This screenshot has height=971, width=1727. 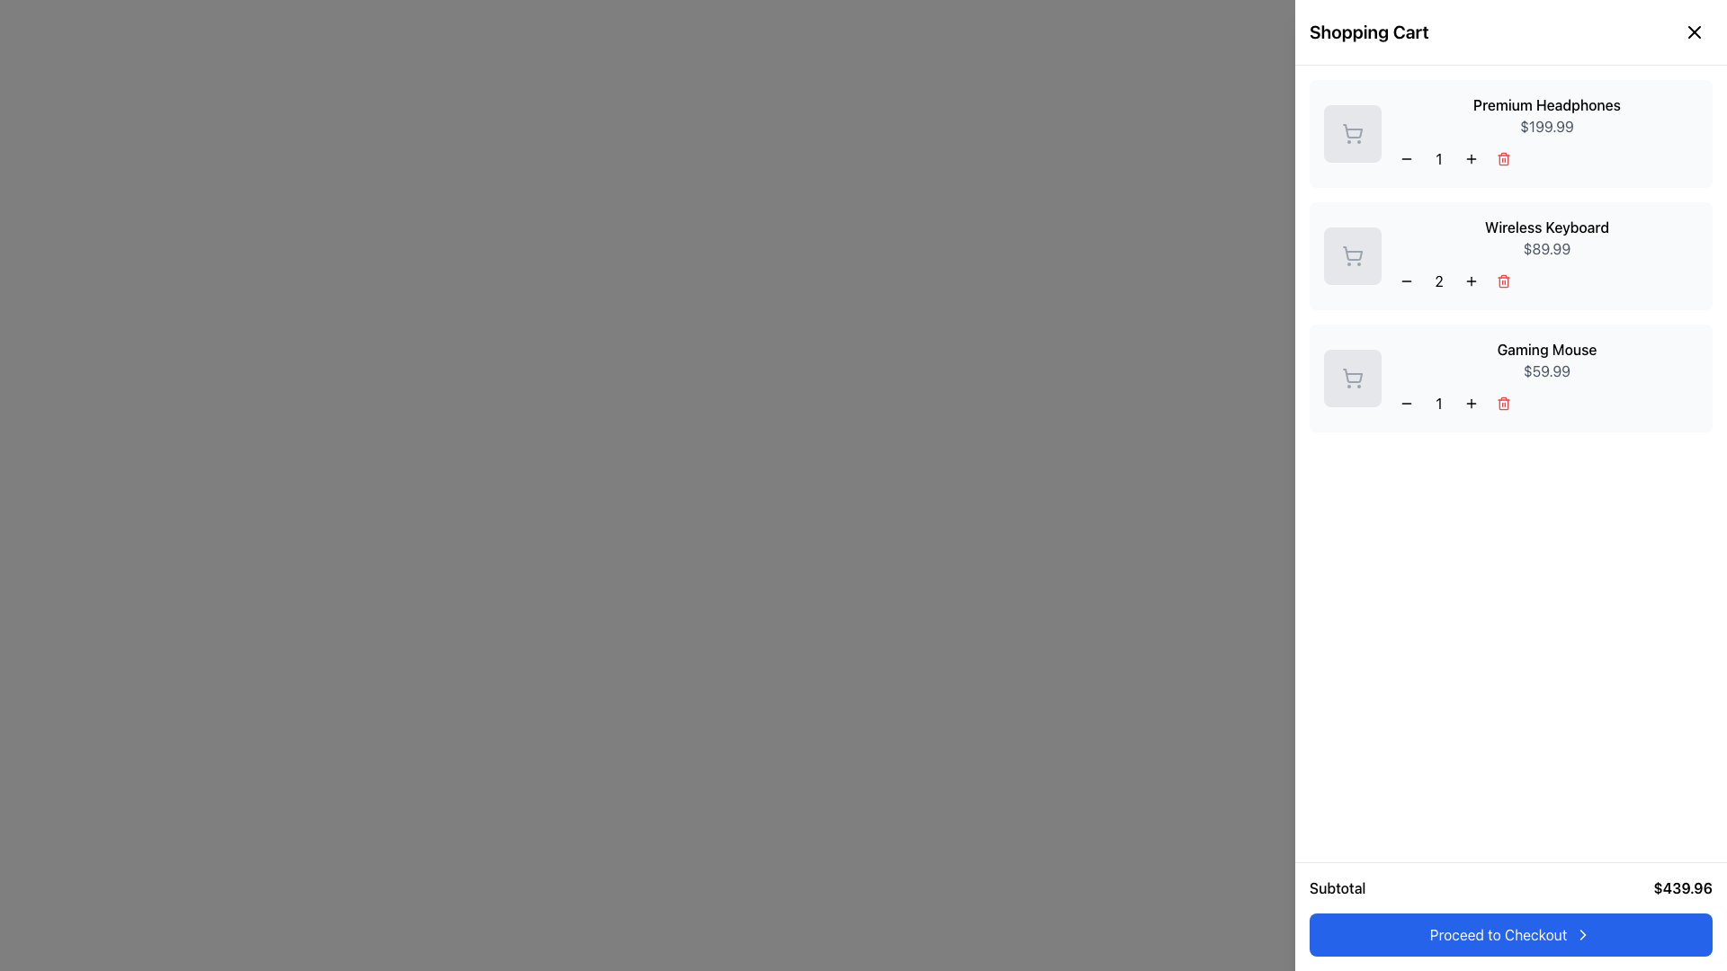 What do you see at coordinates (1472, 158) in the screenshot?
I see `the button that increases the quantity of the 'Premium Headphones' in the shopping cart, located between the decrement button and the trash can icon` at bounding box center [1472, 158].